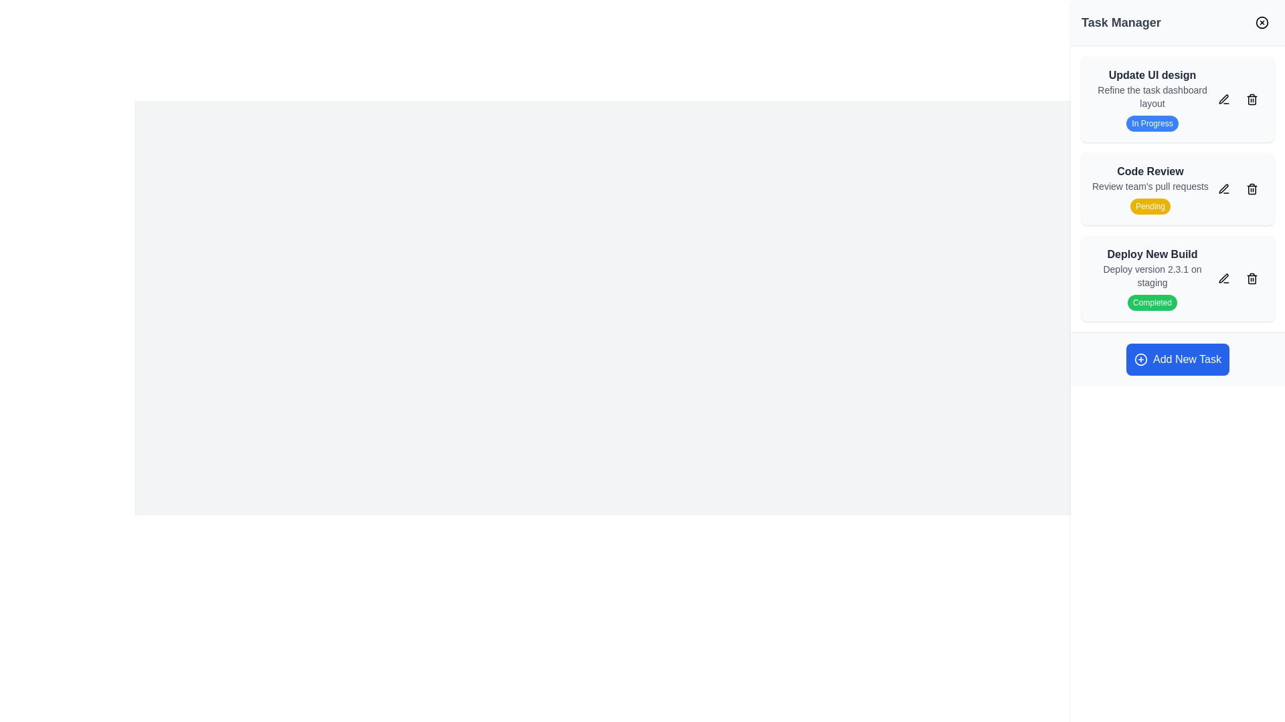 The image size is (1285, 722). Describe the element at coordinates (1252, 279) in the screenshot. I see `the main body of the trash bin icon in the 'Deploy New Build' task on the rightmost panel` at that location.